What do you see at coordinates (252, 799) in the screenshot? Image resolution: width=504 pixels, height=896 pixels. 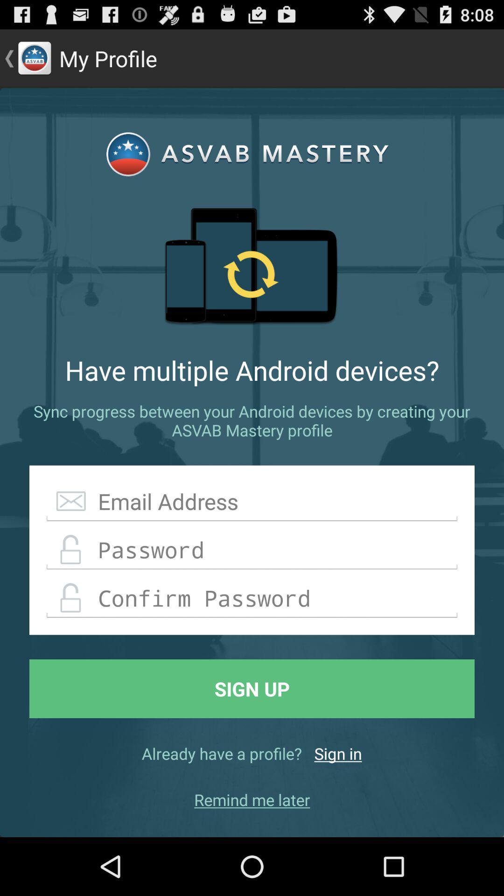 I see `app below already have a icon` at bounding box center [252, 799].